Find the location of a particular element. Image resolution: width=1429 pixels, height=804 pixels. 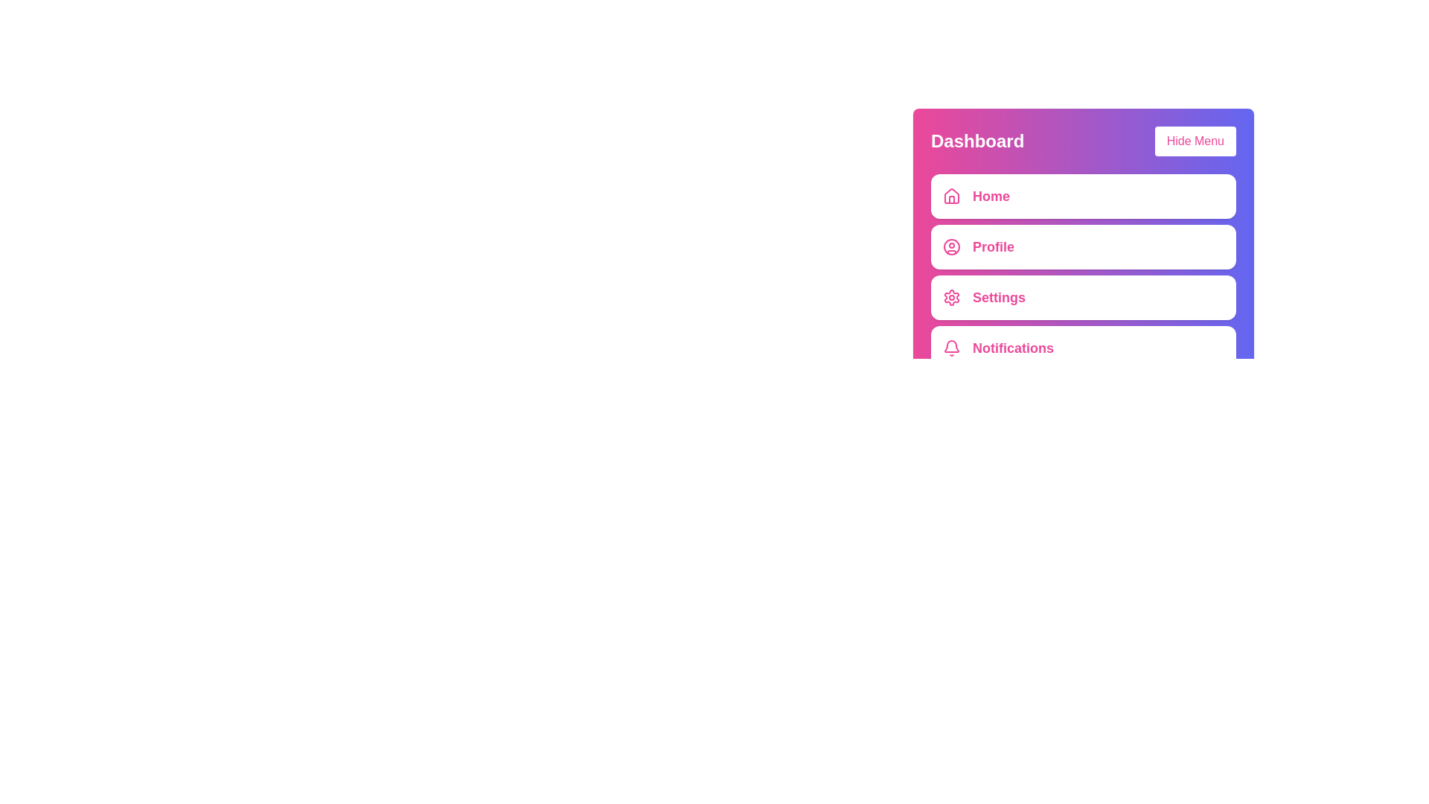

the title text 'Dashboard' is located at coordinates (977, 141).